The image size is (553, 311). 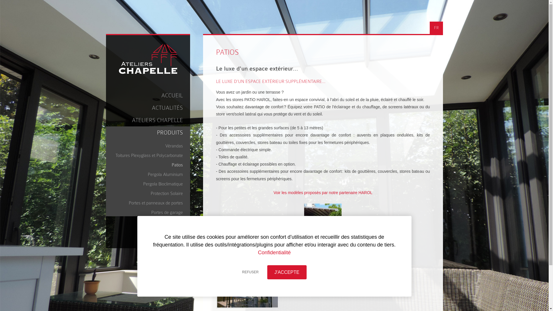 What do you see at coordinates (148, 59) in the screenshot?
I see `'Ateliers Chapelle'` at bounding box center [148, 59].